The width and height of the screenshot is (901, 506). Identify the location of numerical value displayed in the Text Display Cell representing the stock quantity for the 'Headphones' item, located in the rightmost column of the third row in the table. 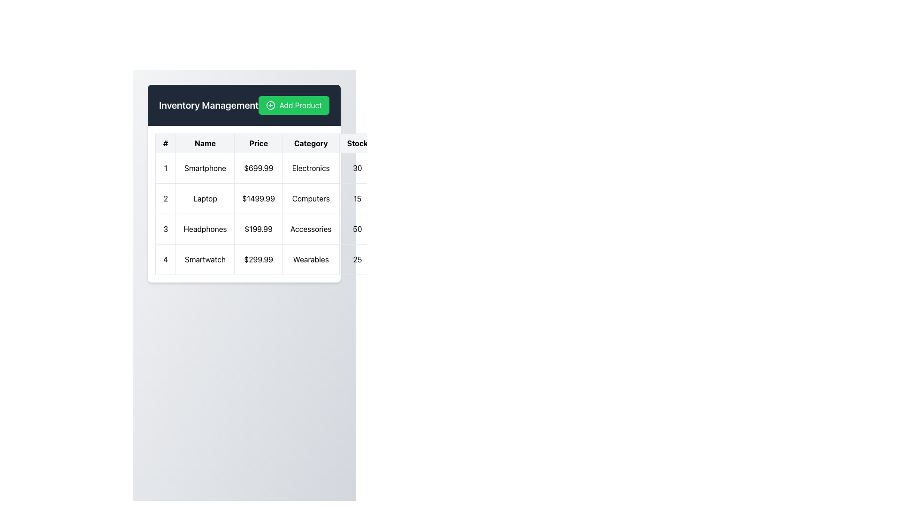
(357, 229).